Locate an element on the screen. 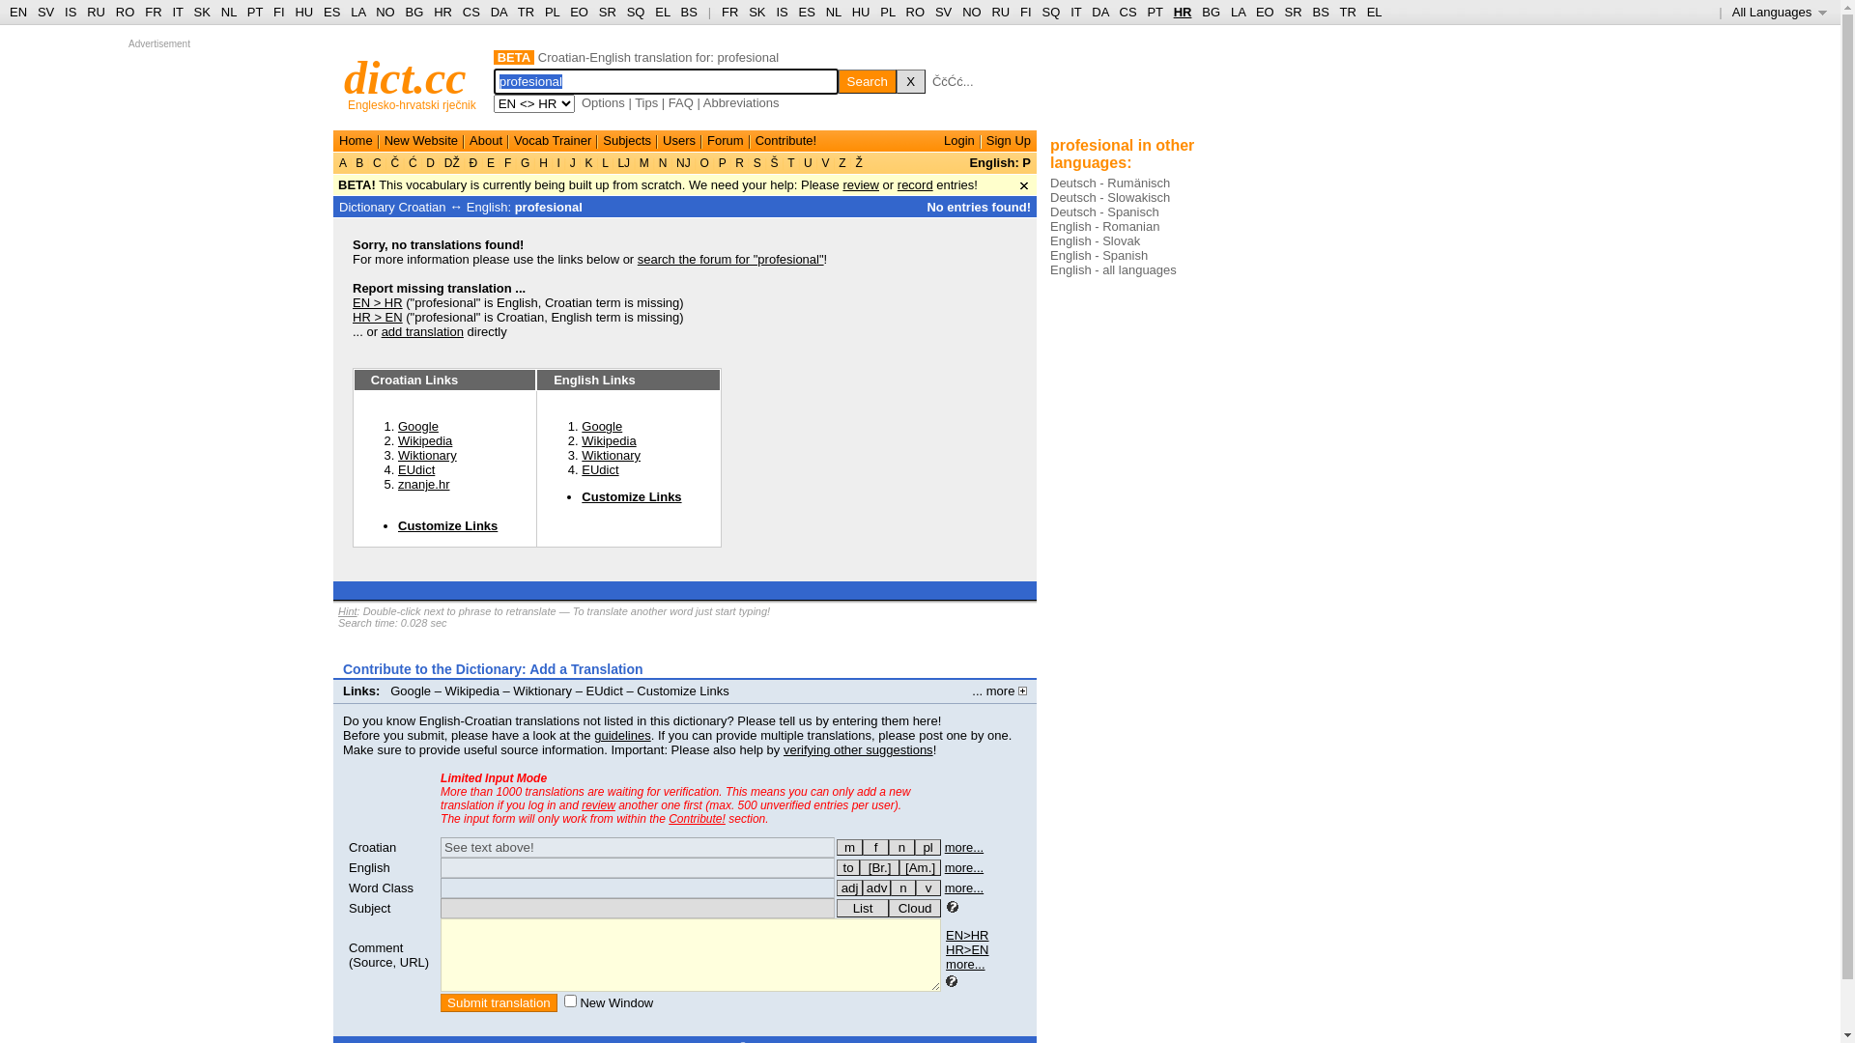 The width and height of the screenshot is (1855, 1043). 'LJ' is located at coordinates (623, 162).